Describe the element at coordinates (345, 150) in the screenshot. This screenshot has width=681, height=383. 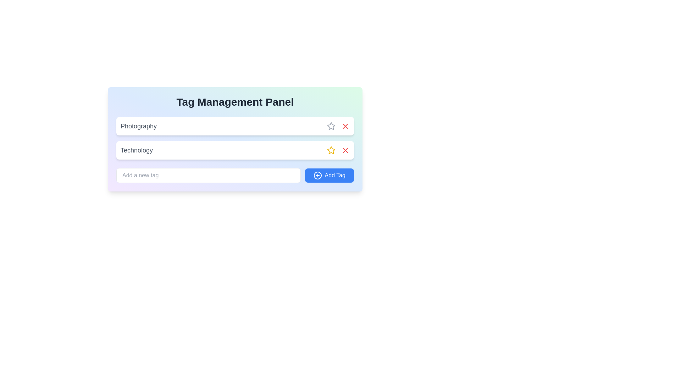
I see `the small red 'X' icon button, which is the delete action marker located at the end of the 'Technology' row in the 'Tag Management Panel'` at that location.